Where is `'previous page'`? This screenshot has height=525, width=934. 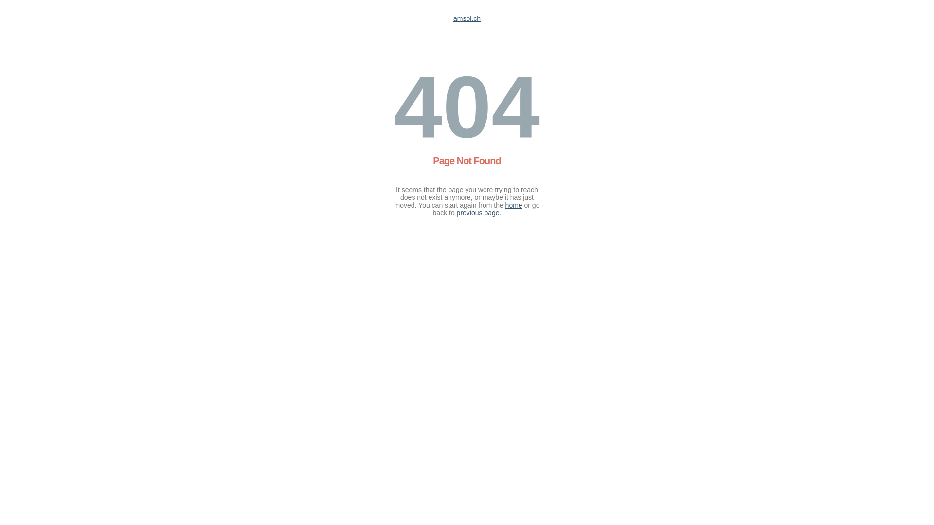
'previous page' is located at coordinates (478, 212).